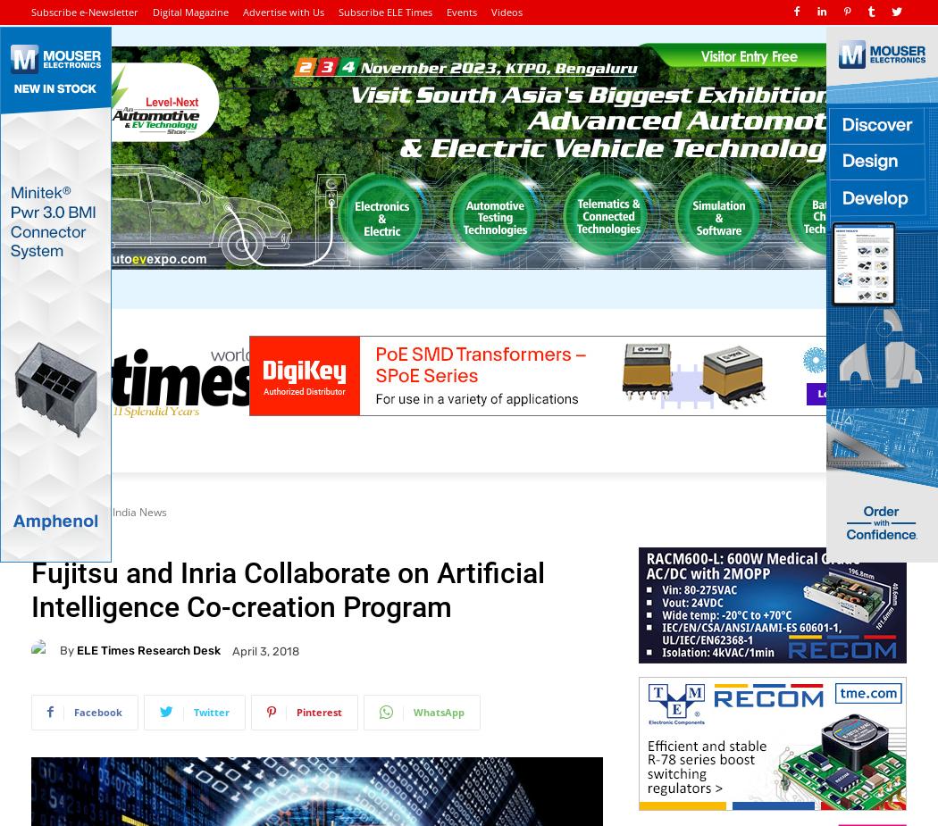 This screenshot has width=938, height=826. Describe the element at coordinates (641, 450) in the screenshot. I see `'Latest Products'` at that location.